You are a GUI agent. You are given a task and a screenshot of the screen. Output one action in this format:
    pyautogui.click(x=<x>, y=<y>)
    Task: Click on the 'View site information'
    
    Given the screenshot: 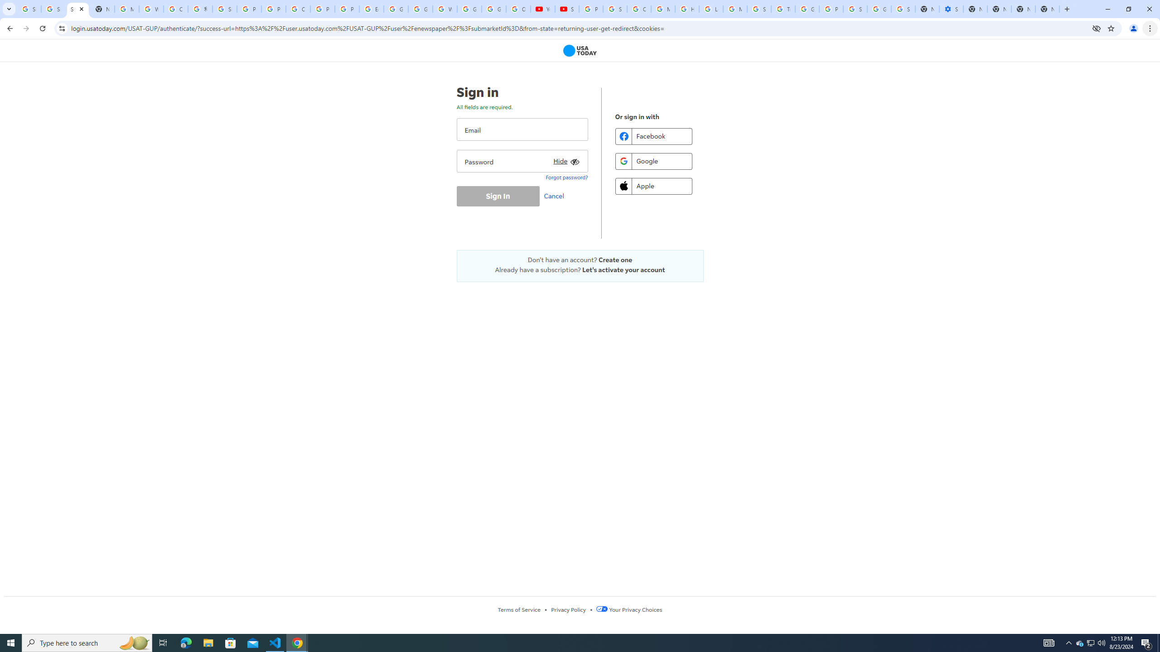 What is the action you would take?
    pyautogui.click(x=61, y=28)
    